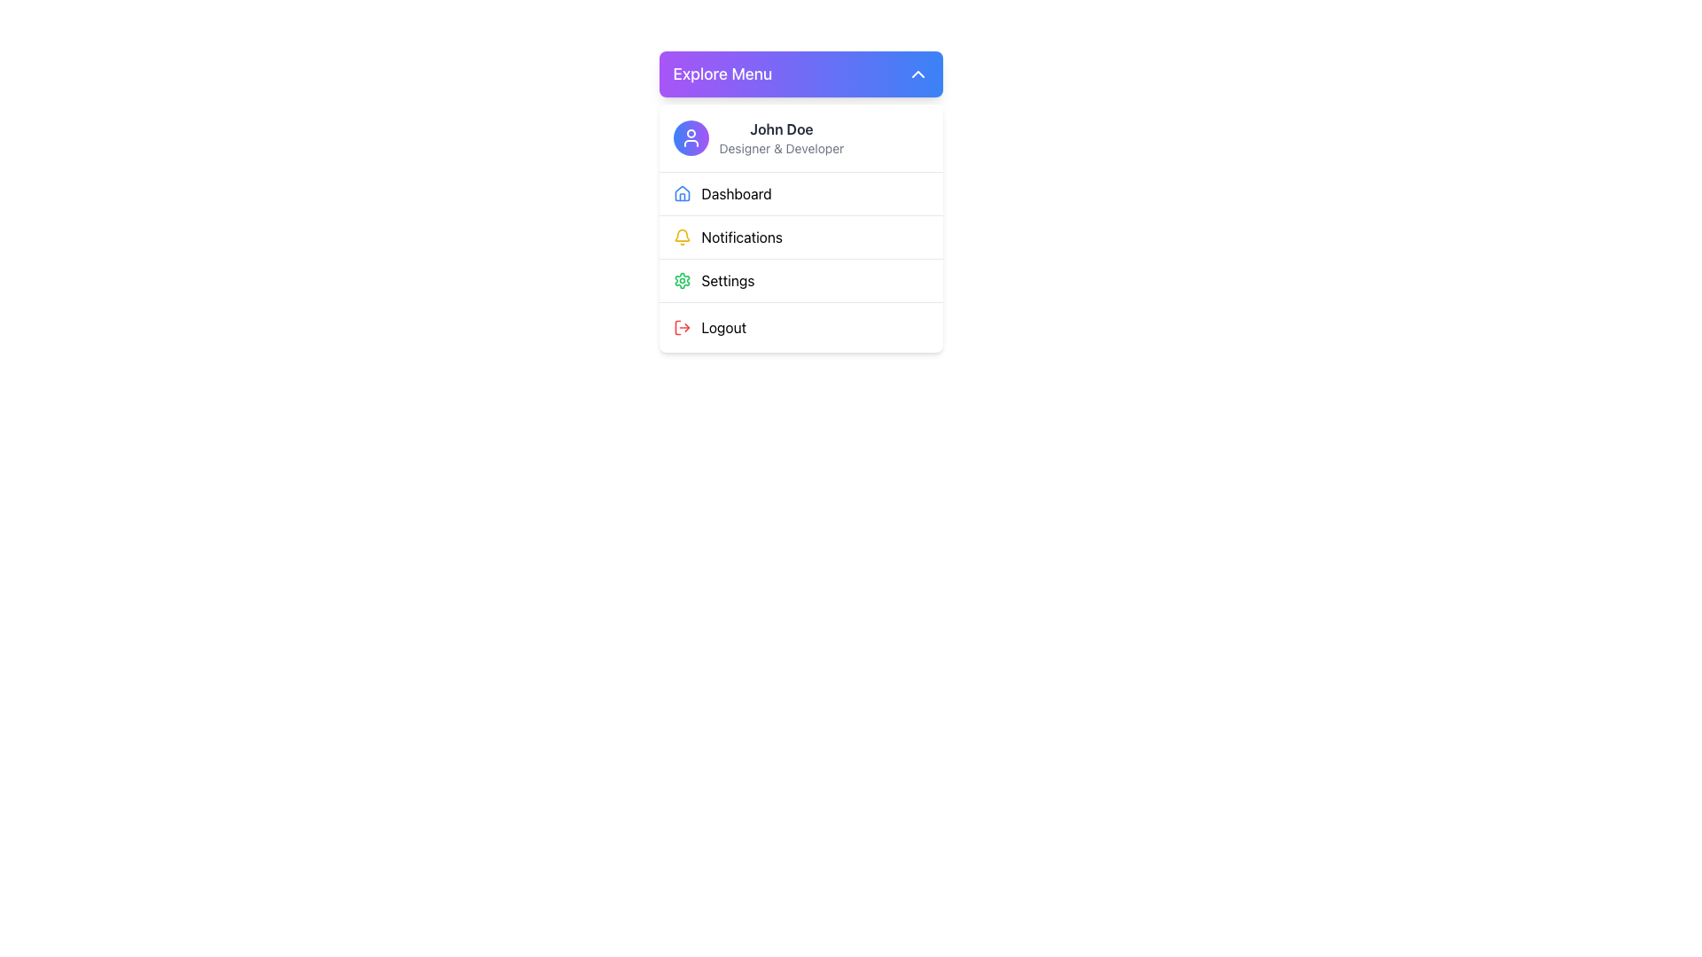 The width and height of the screenshot is (1702, 957). What do you see at coordinates (780, 148) in the screenshot?
I see `informational text label that indicates the professional designation or role associated with 'John Doe', located directly below the name in the vertical menu layout` at bounding box center [780, 148].